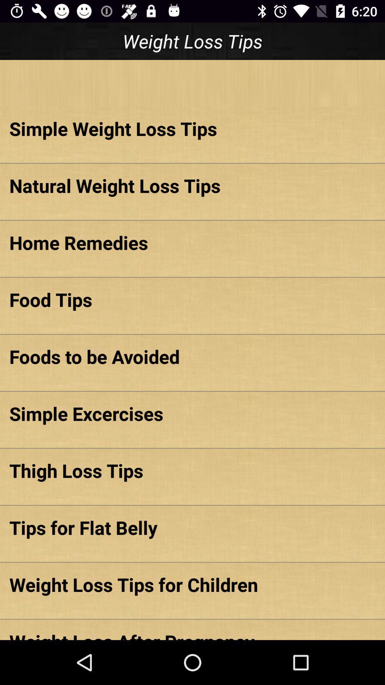  What do you see at coordinates (192, 356) in the screenshot?
I see `the foods to be item` at bounding box center [192, 356].